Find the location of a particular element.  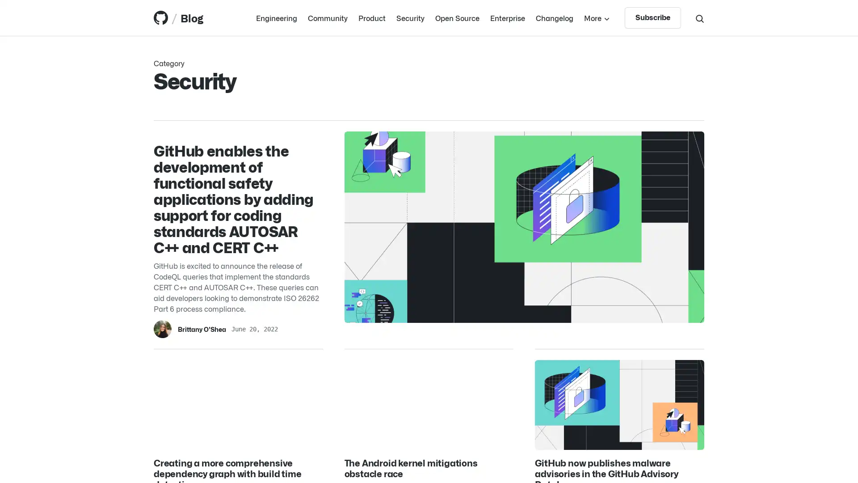

More is located at coordinates (597, 17).